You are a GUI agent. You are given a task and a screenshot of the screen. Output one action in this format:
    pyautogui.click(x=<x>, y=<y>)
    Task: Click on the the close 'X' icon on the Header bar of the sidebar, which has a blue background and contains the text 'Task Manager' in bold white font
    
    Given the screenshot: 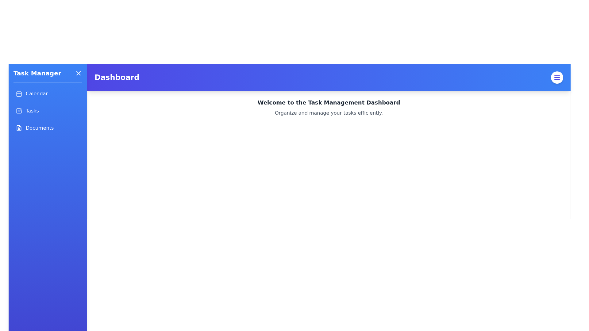 What is the action you would take?
    pyautogui.click(x=48, y=75)
    